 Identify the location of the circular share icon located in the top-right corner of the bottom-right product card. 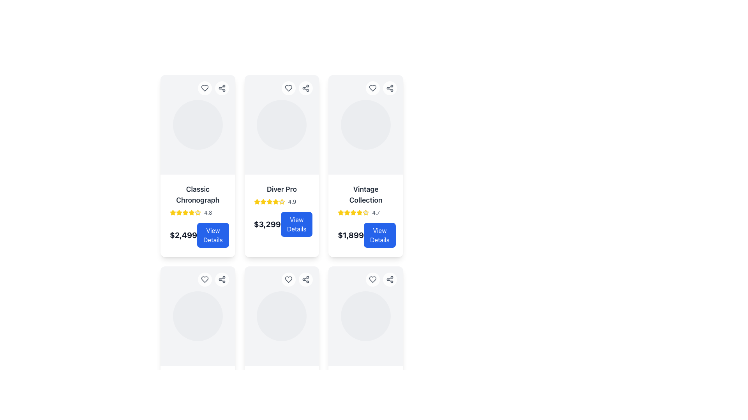
(390, 279).